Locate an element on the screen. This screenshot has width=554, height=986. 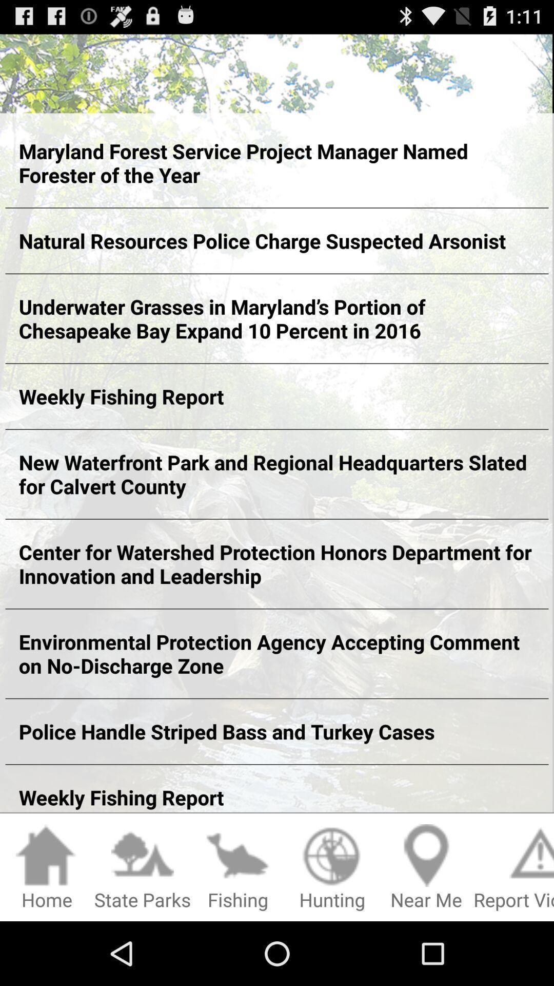
the item next to the state parks is located at coordinates (47, 867).